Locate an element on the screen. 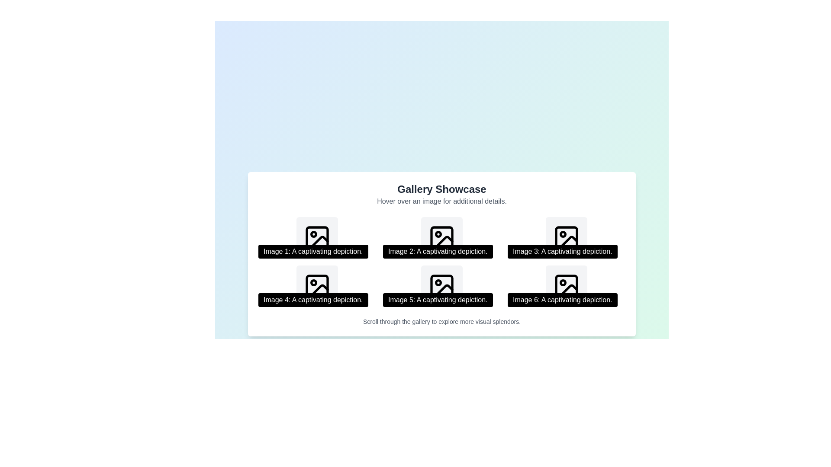 Image resolution: width=831 pixels, height=467 pixels. the rounded rectangle button with a gray background that contains a visual placeholder for an image, located in the top row of a grid layout as the second item from the left is located at coordinates (442, 238).